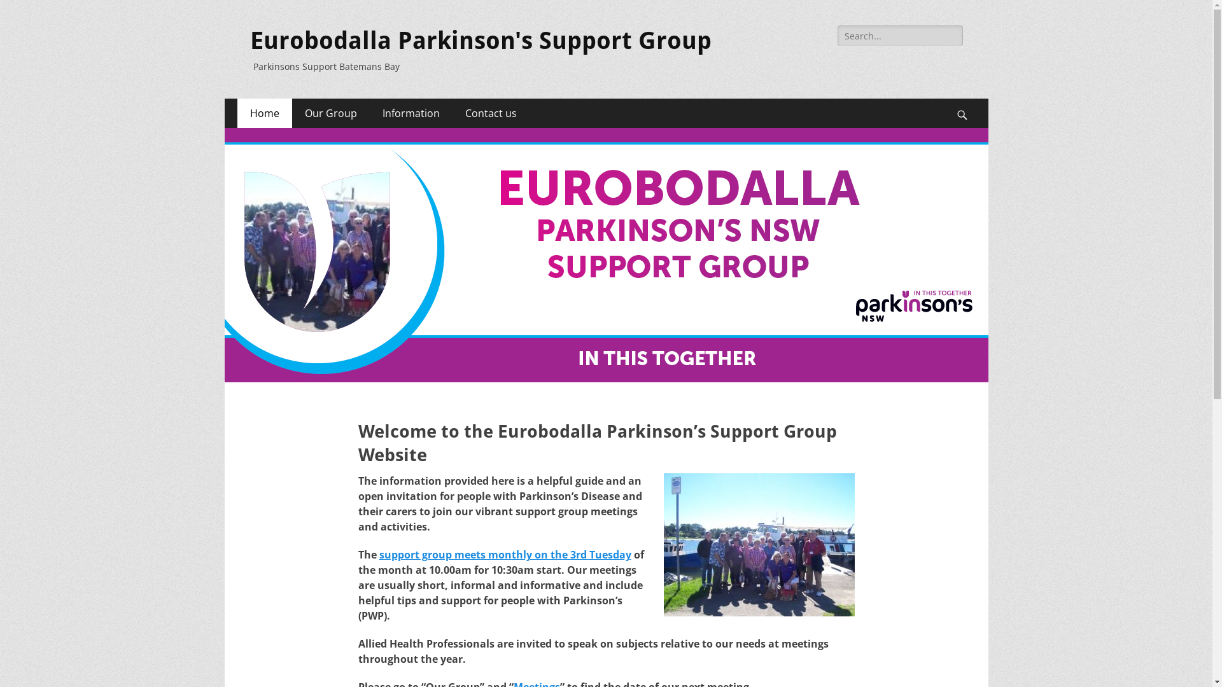 The image size is (1222, 687). What do you see at coordinates (899, 35) in the screenshot?
I see `'Search for:'` at bounding box center [899, 35].